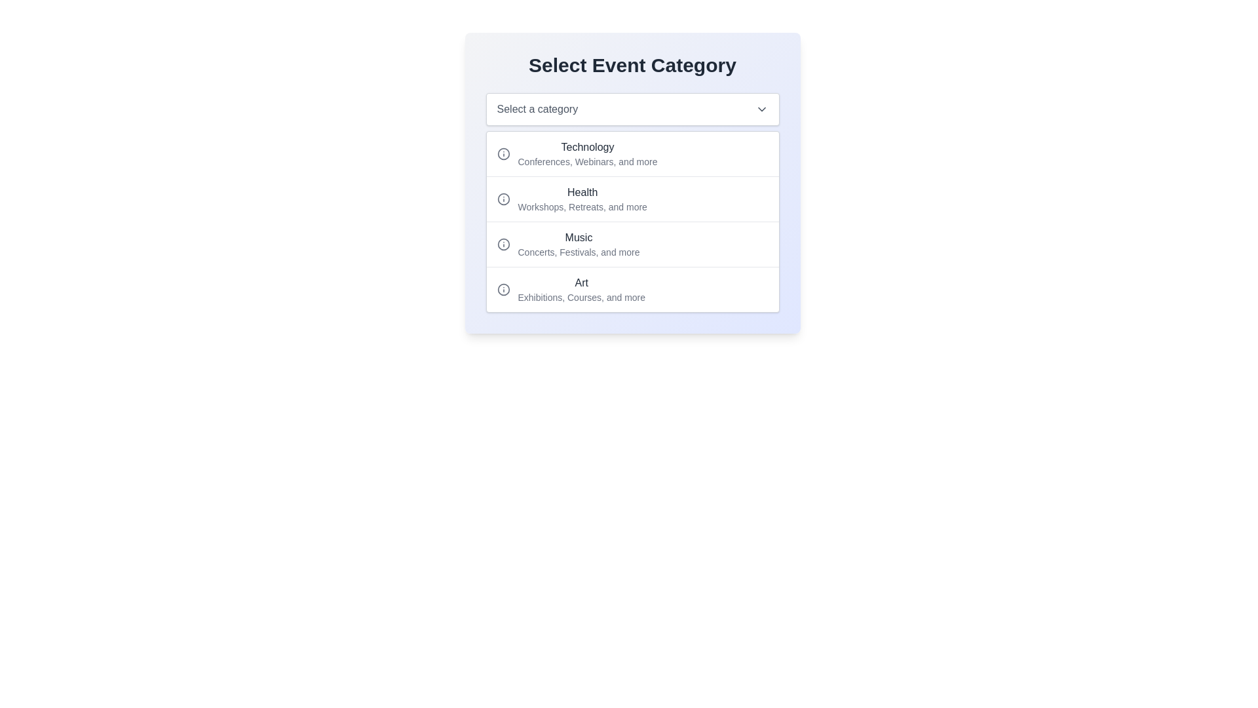  What do you see at coordinates (582, 192) in the screenshot?
I see `the 'Health' text label, which is displayed in a medium-weight dark gray font and is centered within the second event category section under 'Select Event Category.'` at bounding box center [582, 192].